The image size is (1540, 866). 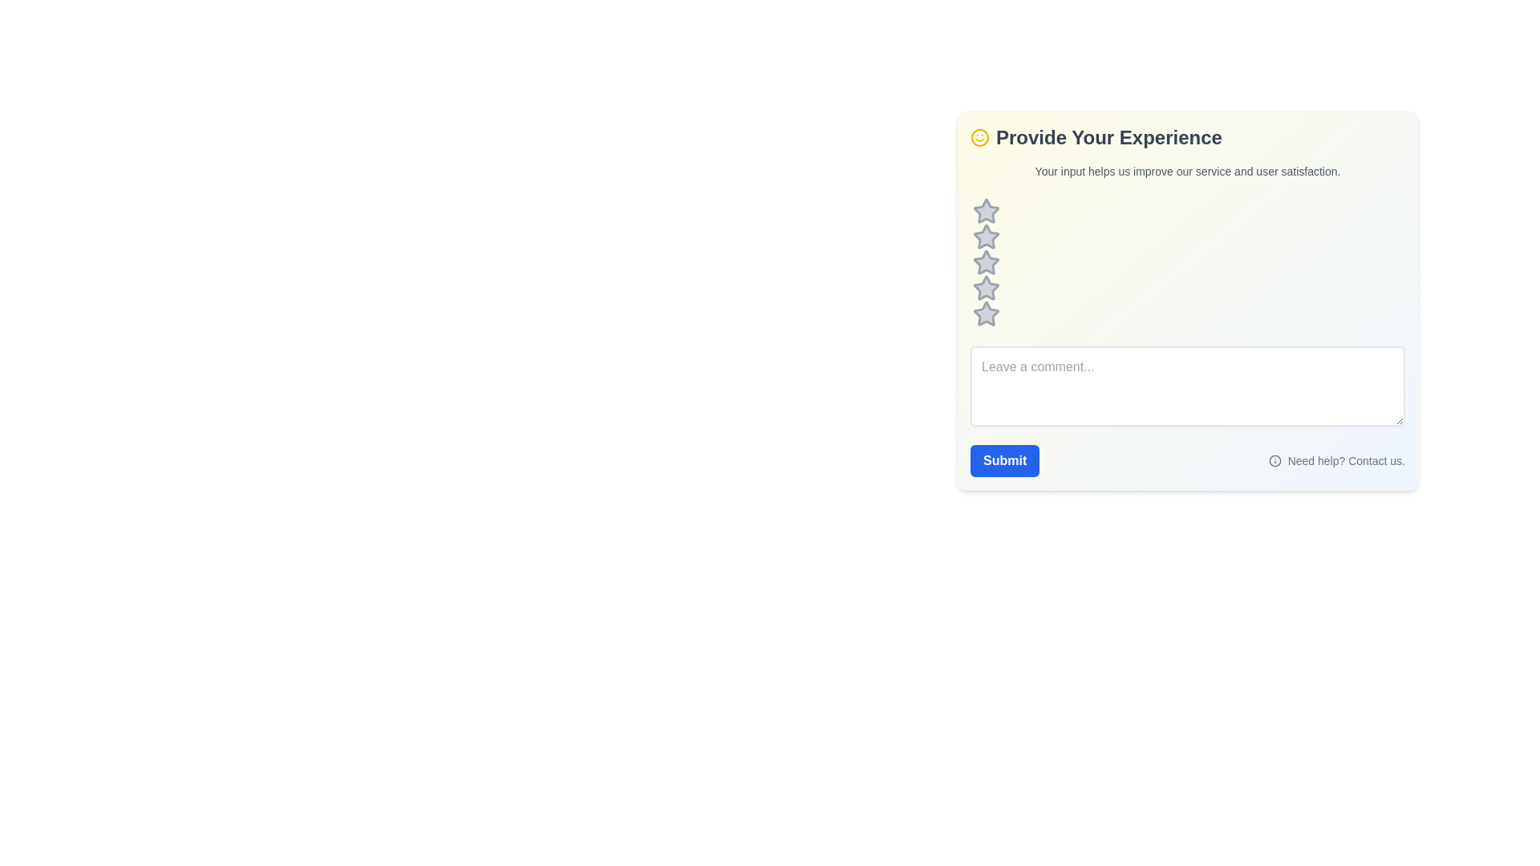 What do you see at coordinates (985, 261) in the screenshot?
I see `the fourth star-shaped icon from the top in the vertical stack of rating stars under the heading 'Provide Your Experience'` at bounding box center [985, 261].